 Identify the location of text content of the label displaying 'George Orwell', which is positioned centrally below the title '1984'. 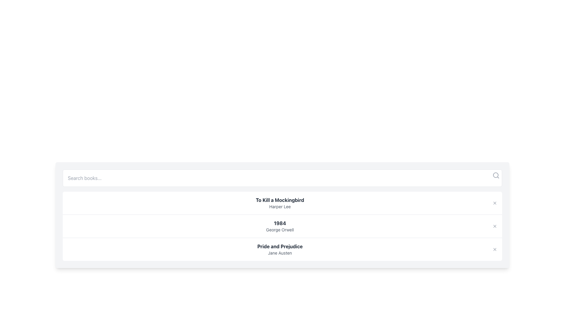
(280, 230).